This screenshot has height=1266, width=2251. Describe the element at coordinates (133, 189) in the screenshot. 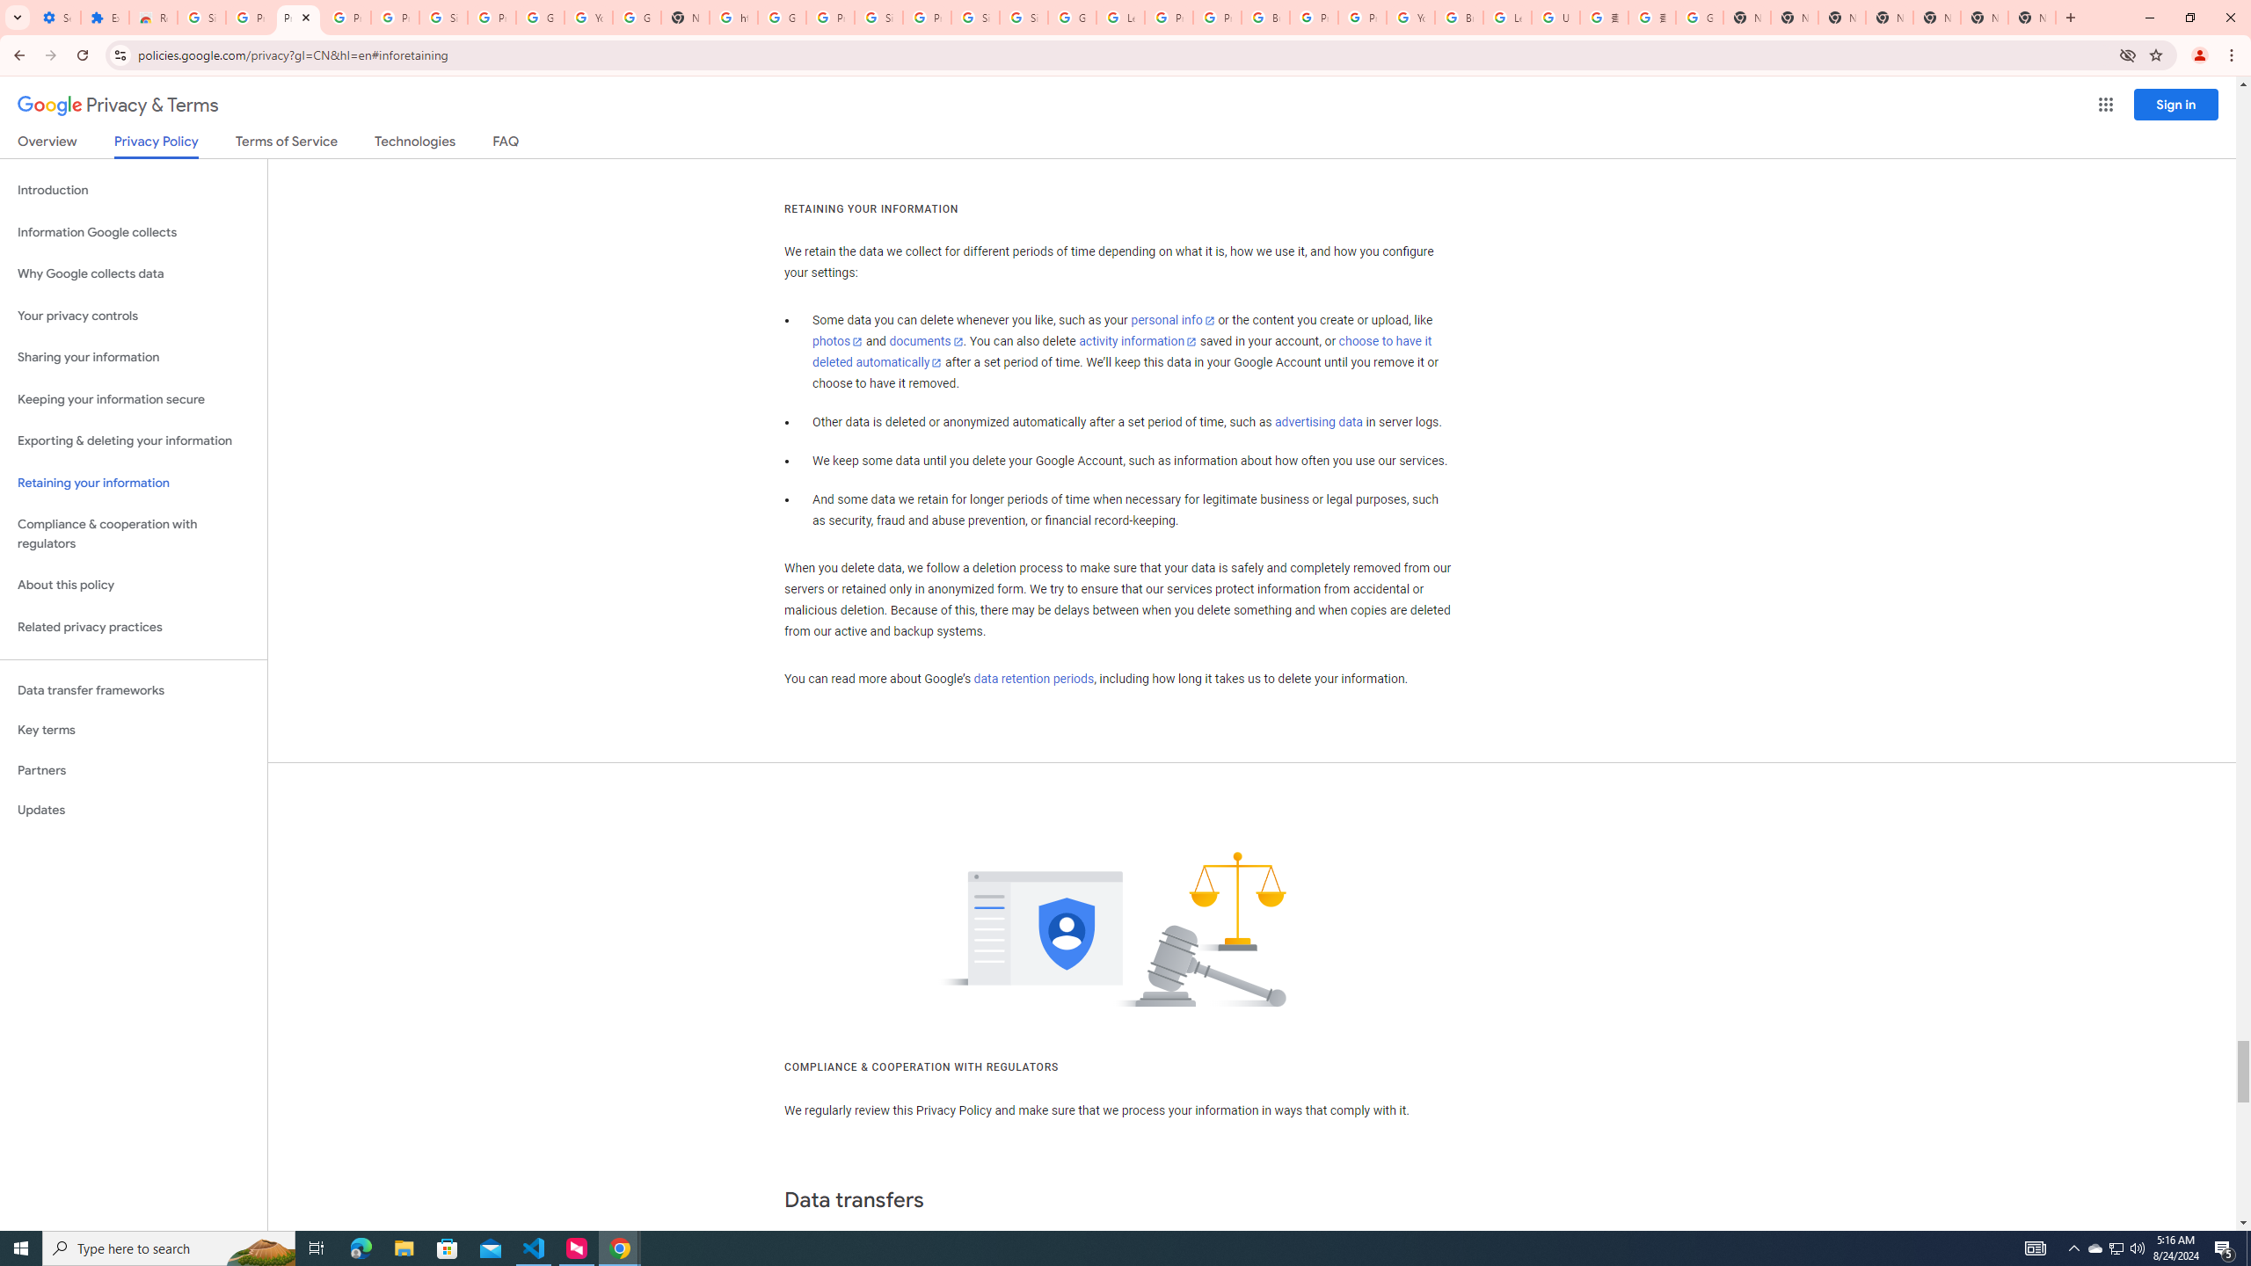

I see `'Introduction'` at that location.